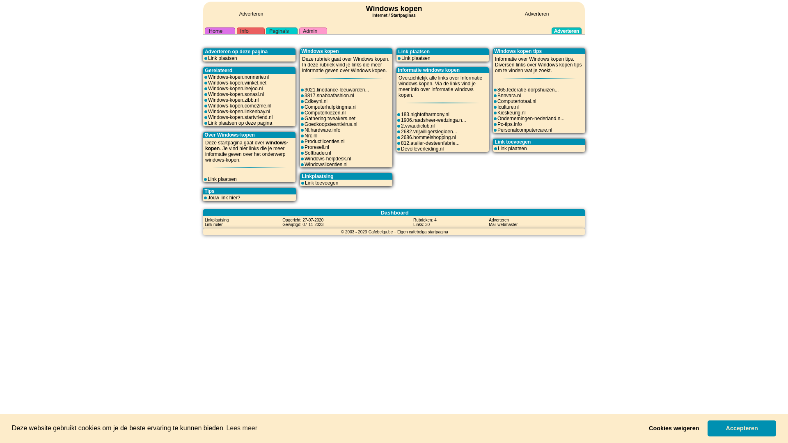 This screenshot has width=788, height=443. Describe the element at coordinates (433, 120) in the screenshot. I see `'1906.raadsheer-wedzinga.n...'` at that location.